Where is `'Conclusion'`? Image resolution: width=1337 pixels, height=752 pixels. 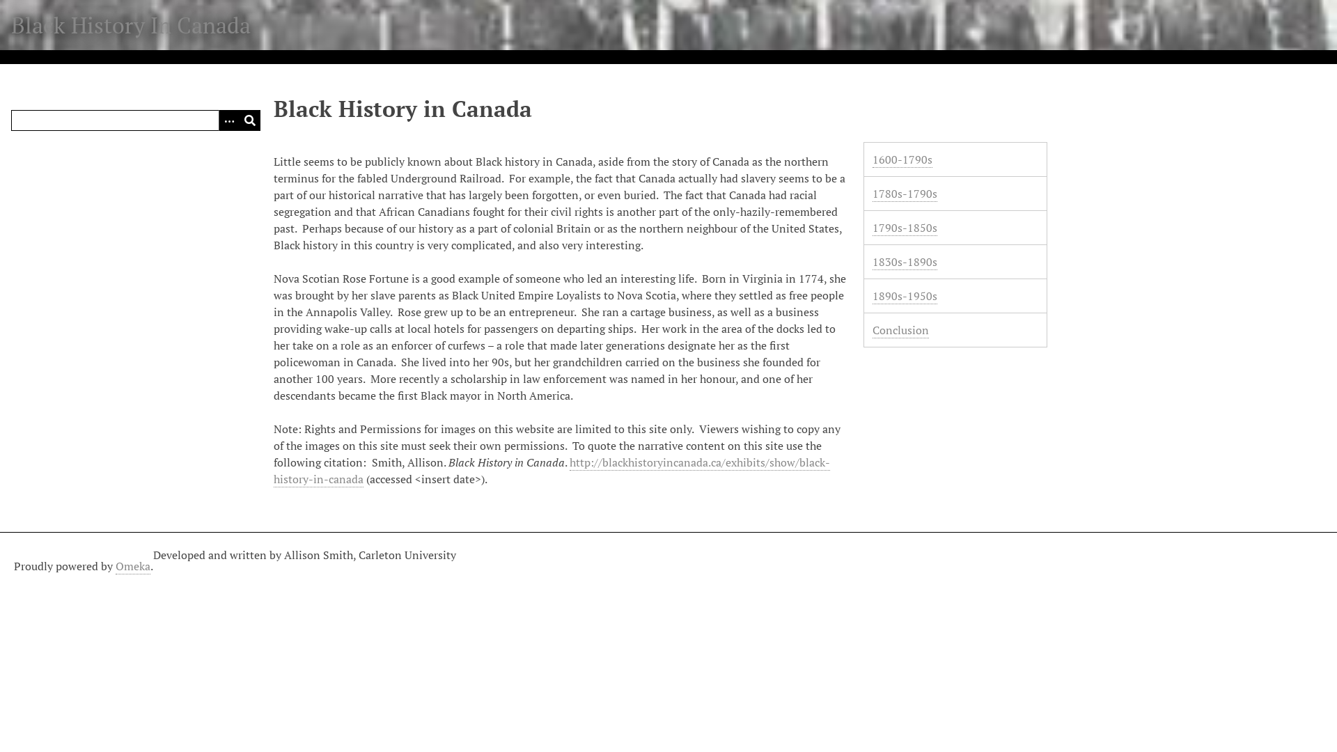 'Conclusion' is located at coordinates (900, 330).